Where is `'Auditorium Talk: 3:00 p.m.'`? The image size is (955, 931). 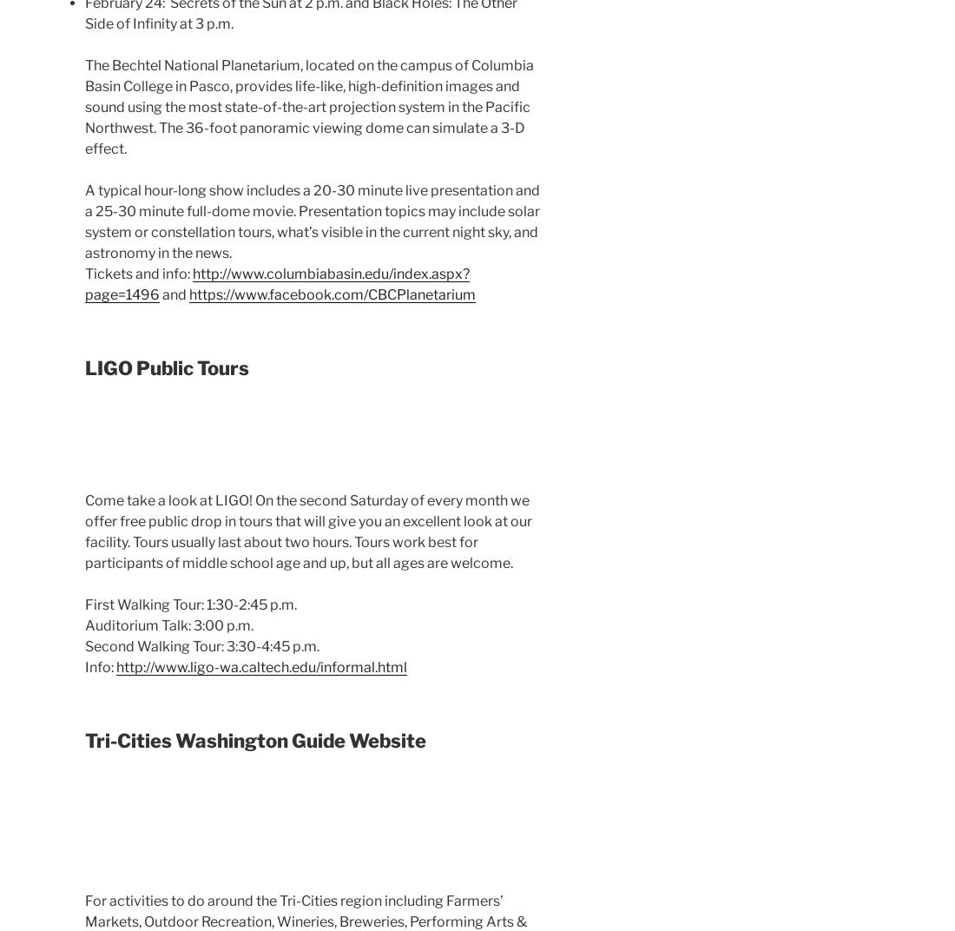
'Auditorium Talk: 3:00 p.m.' is located at coordinates (168, 624).